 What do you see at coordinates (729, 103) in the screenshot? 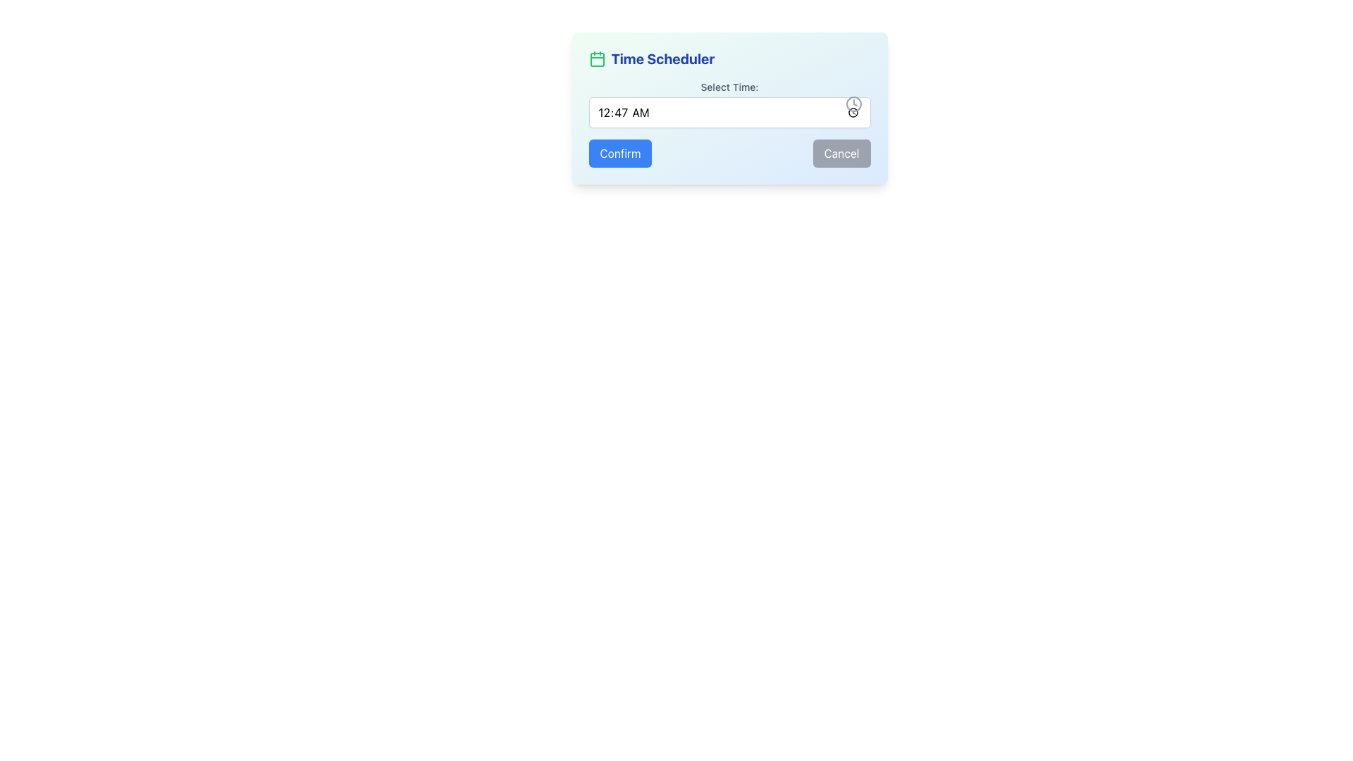
I see `the Time Selector input field located below the 'Time Scheduler' title` at bounding box center [729, 103].